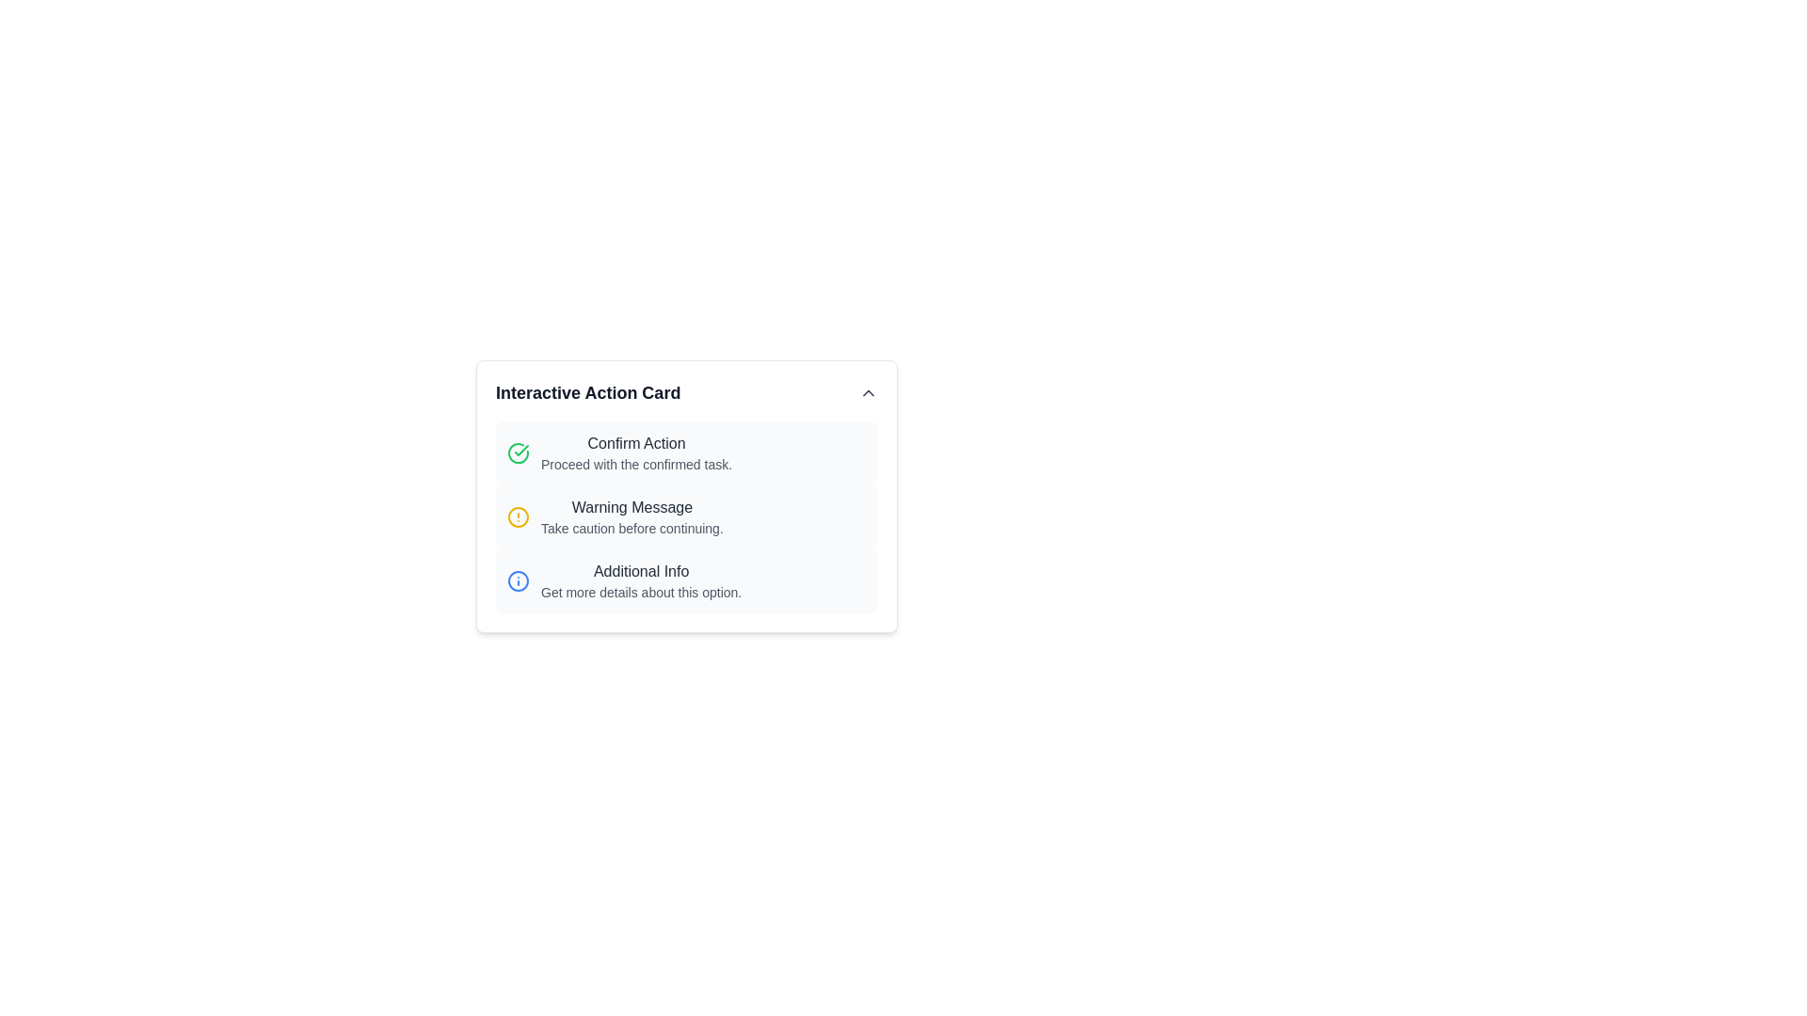  Describe the element at coordinates (685, 496) in the screenshot. I see `the warning message located in the second action section of the 'Interactive Action Card', which is positioned between 'Confirm Action' and 'Additional Info'` at that location.